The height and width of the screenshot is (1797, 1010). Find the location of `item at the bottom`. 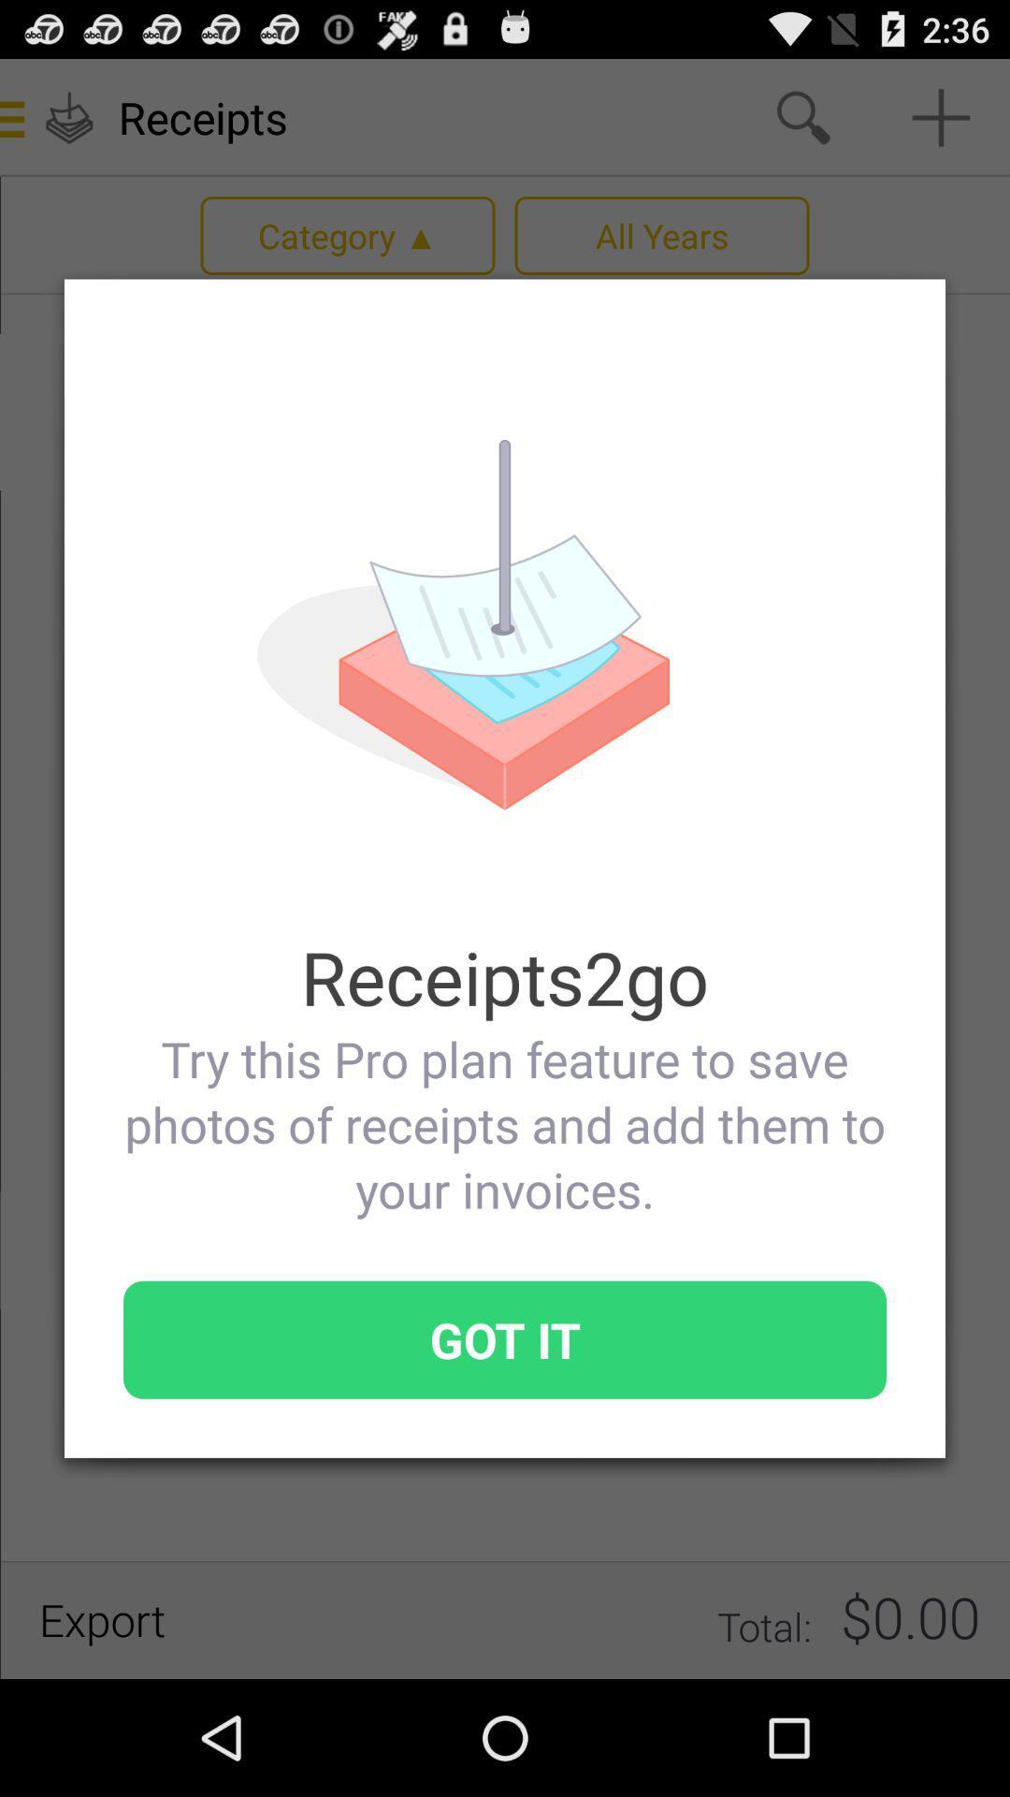

item at the bottom is located at coordinates (505, 1338).